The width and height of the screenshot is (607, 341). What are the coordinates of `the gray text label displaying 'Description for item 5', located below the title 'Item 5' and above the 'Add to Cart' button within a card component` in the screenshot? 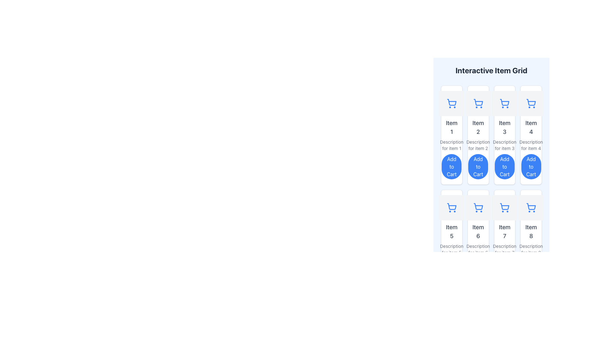 It's located at (451, 249).